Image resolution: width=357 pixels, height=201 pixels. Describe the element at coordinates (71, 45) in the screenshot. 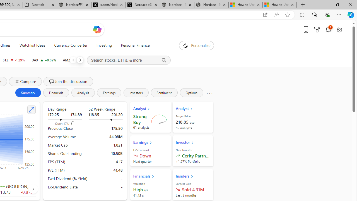

I see `'Currency Converter'` at that location.